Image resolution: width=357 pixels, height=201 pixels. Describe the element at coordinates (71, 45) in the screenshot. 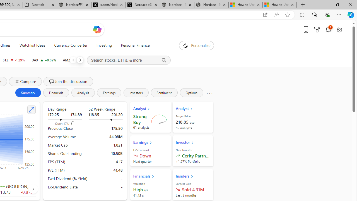

I see `'Currency Converter'` at that location.